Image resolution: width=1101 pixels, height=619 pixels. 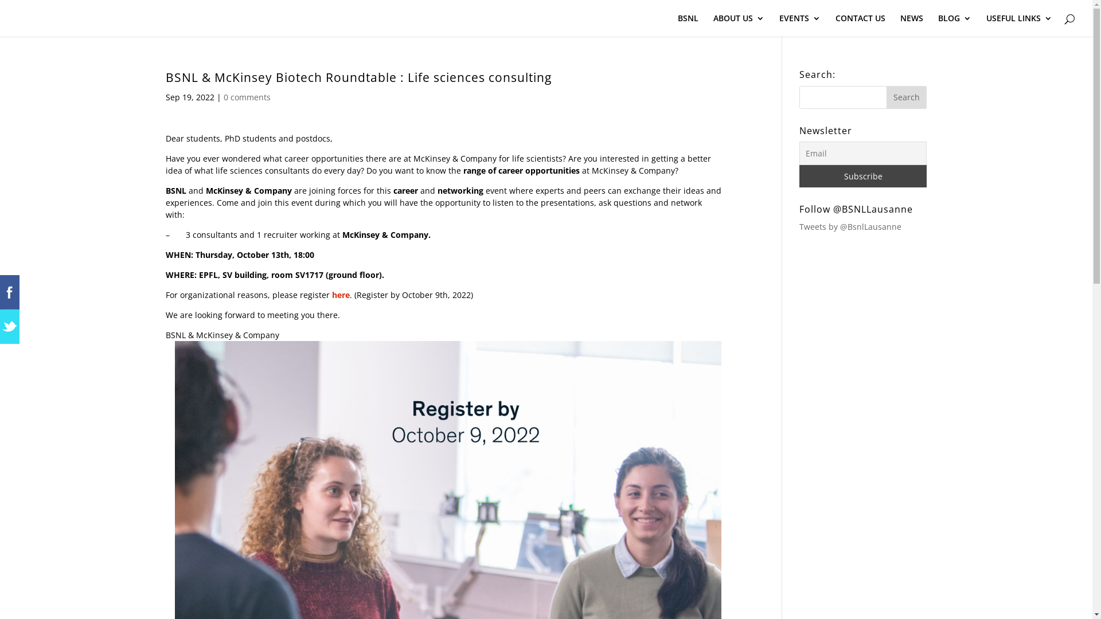 I want to click on 'Tweets by @BsnlLausanne', so click(x=850, y=226).